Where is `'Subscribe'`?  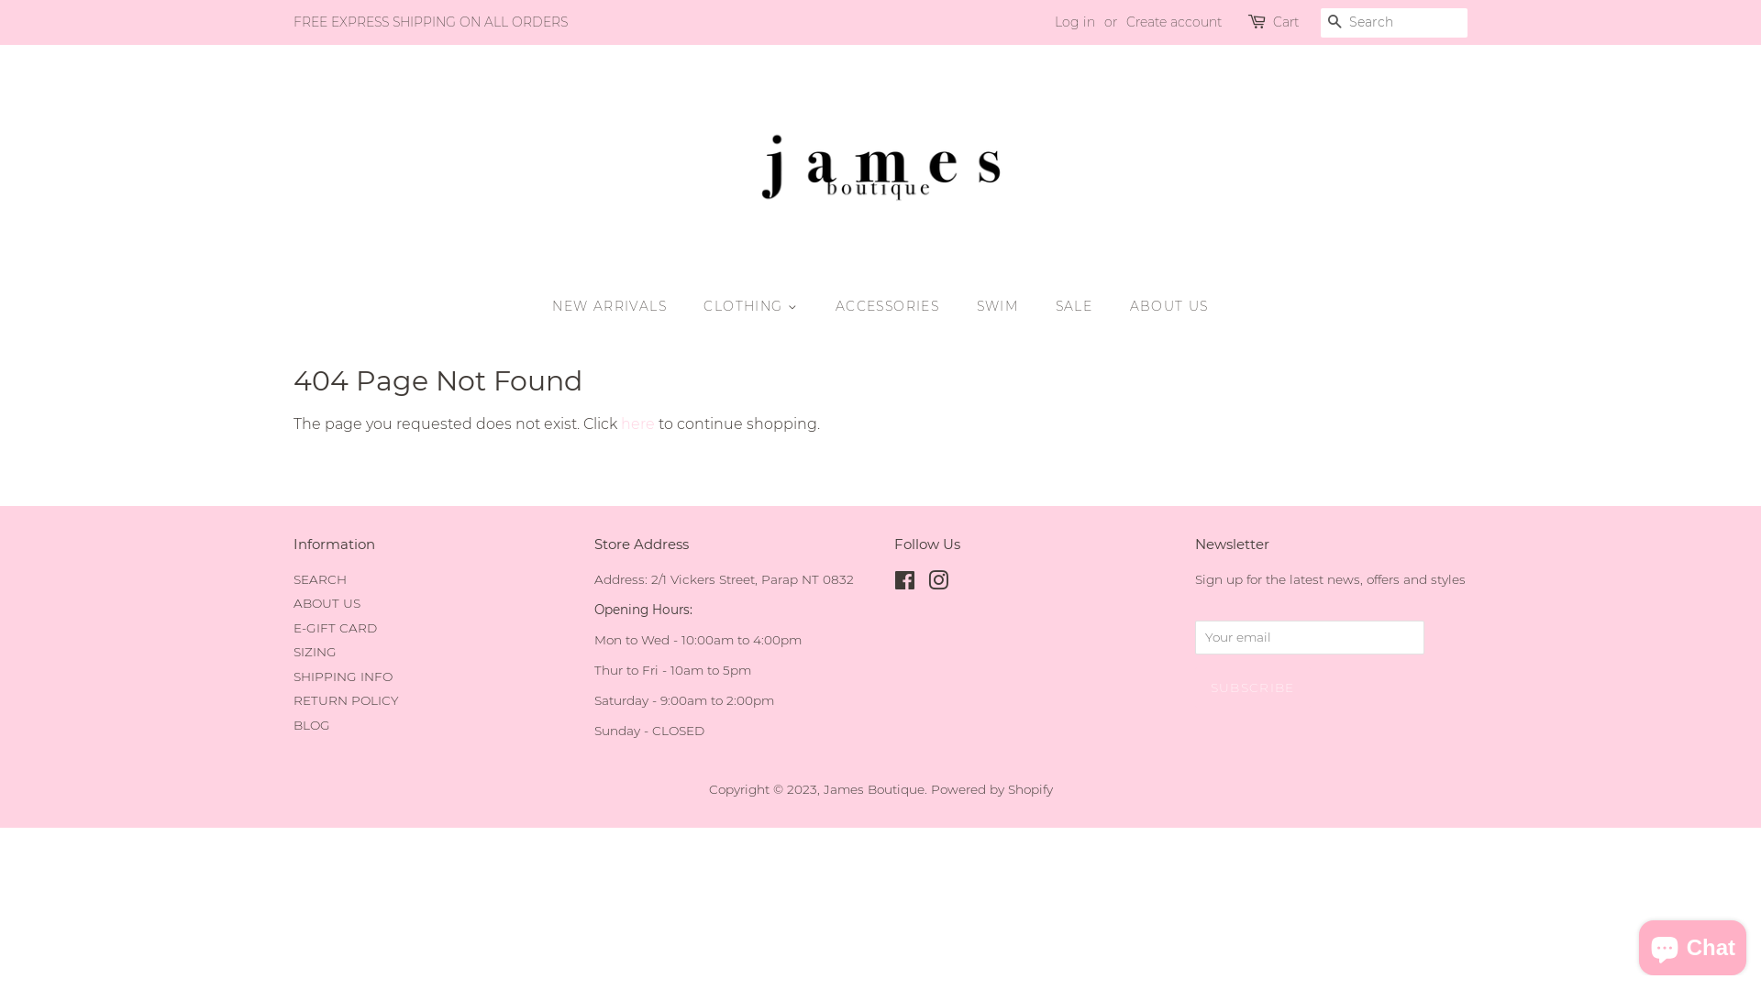 'Subscribe' is located at coordinates (1250, 687).